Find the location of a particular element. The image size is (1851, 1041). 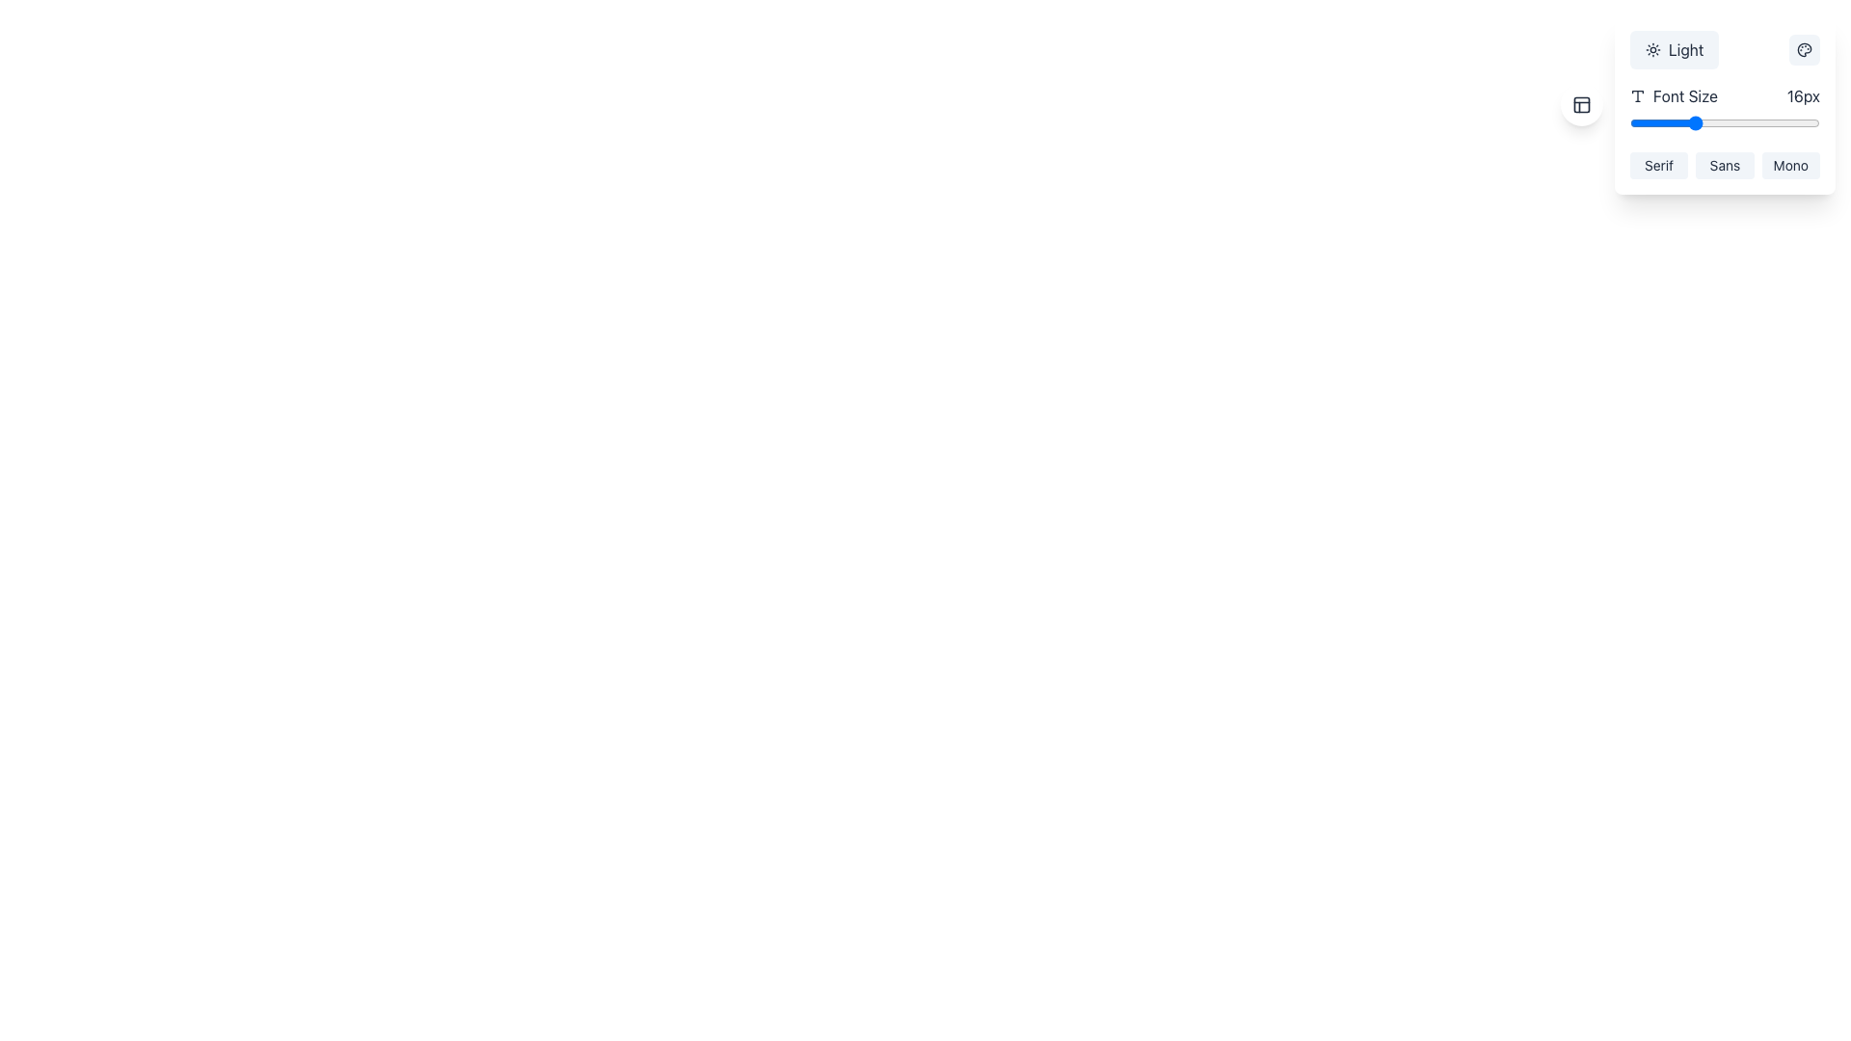

the font size is located at coordinates (1803, 122).